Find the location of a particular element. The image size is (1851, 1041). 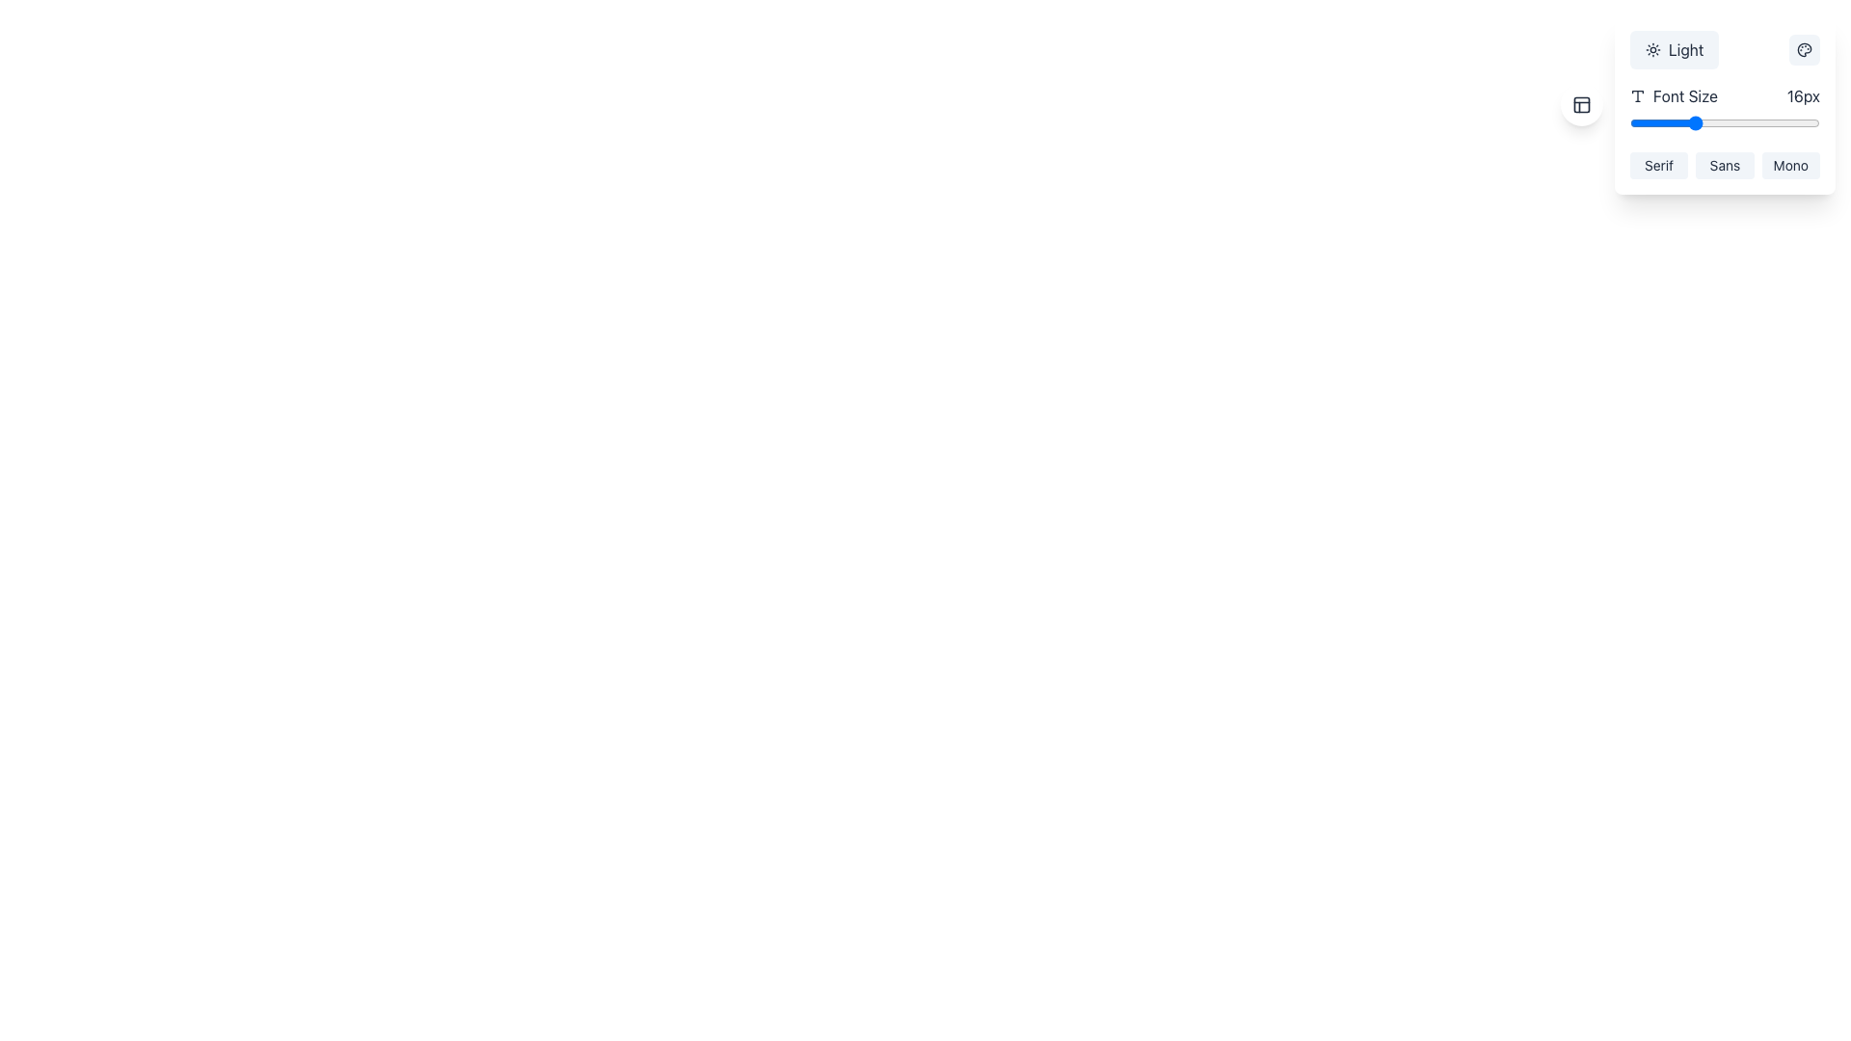

the font size is located at coordinates (1803, 122).